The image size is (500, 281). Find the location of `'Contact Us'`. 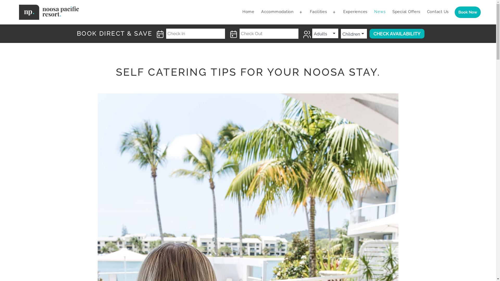

'Contact Us' is located at coordinates (438, 12).